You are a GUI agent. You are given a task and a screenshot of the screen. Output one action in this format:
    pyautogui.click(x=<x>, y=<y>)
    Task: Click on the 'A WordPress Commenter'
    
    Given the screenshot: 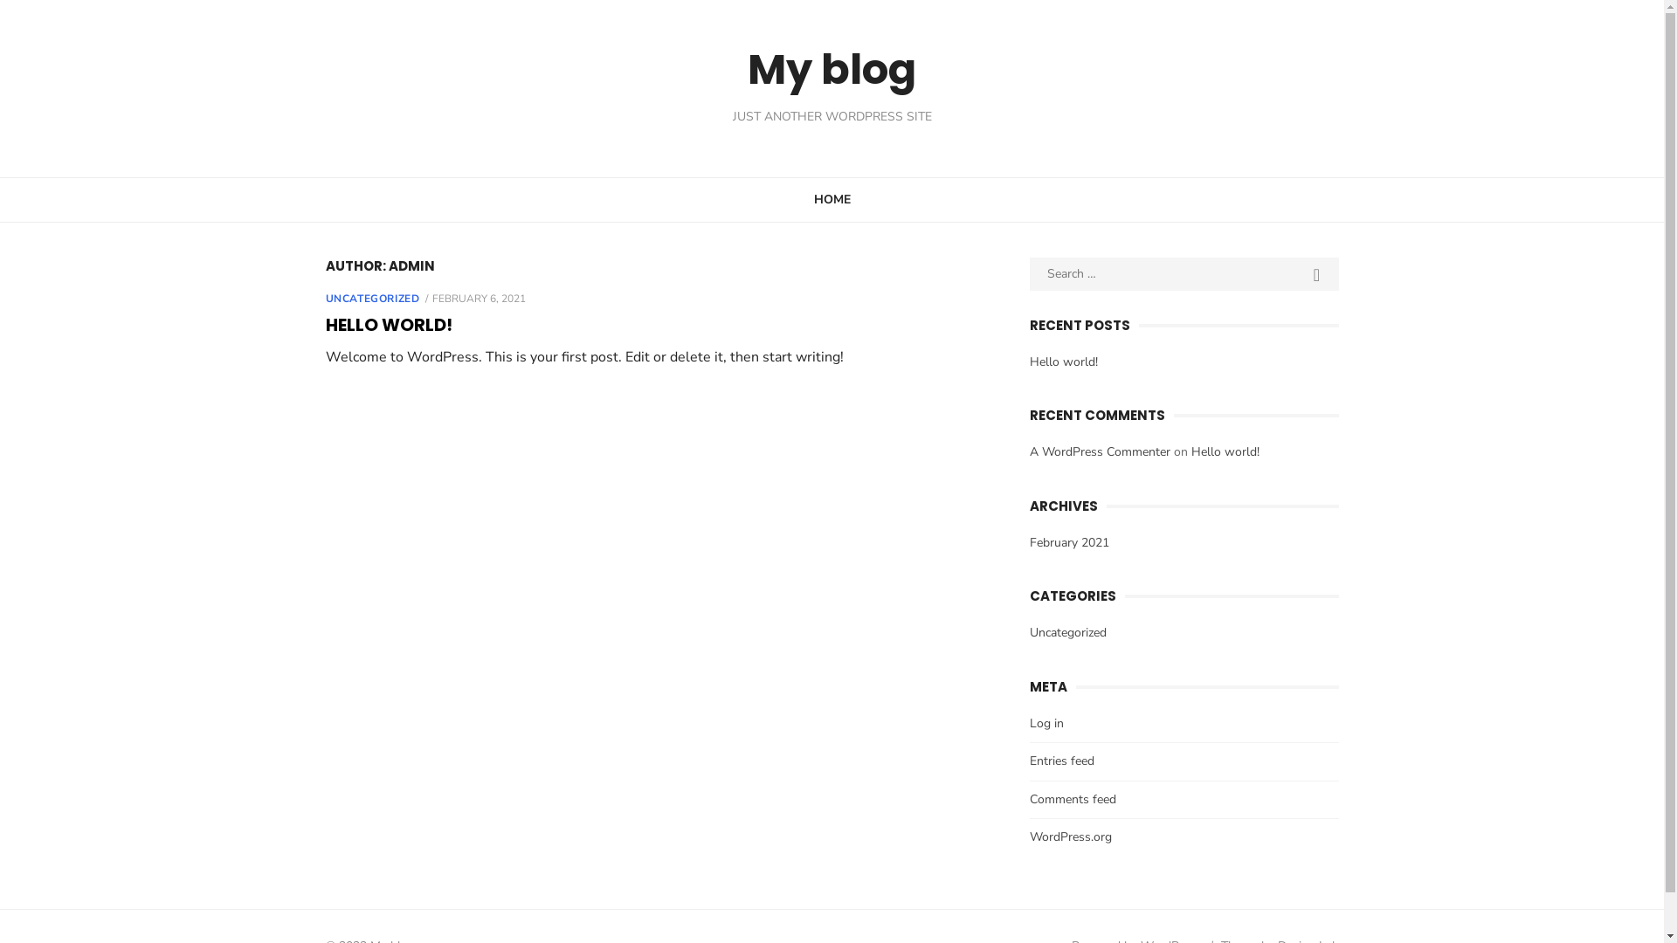 What is the action you would take?
    pyautogui.click(x=1099, y=451)
    